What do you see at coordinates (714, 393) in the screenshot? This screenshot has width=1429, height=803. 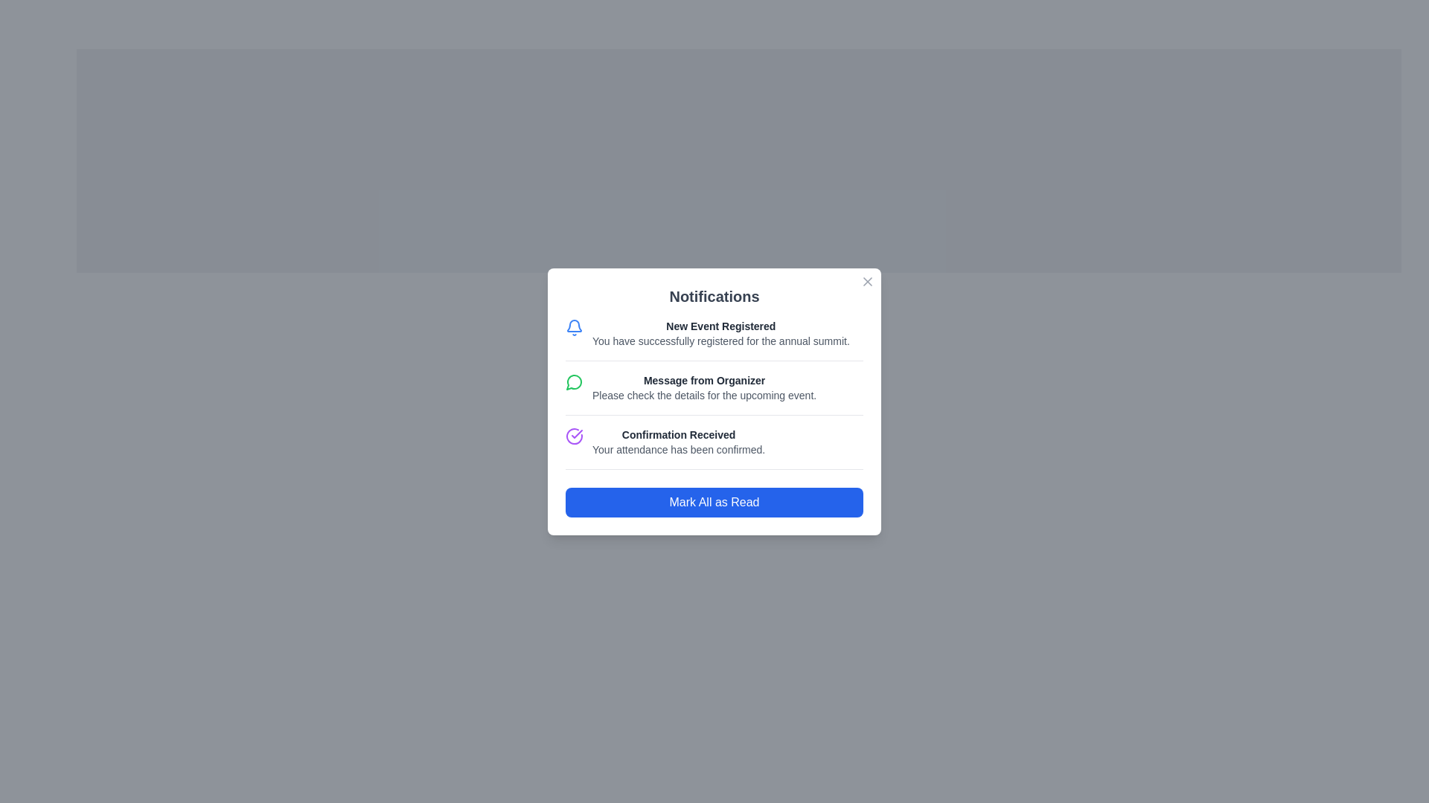 I see `the middle notification item that provides details related to an event for additional interactions` at bounding box center [714, 393].